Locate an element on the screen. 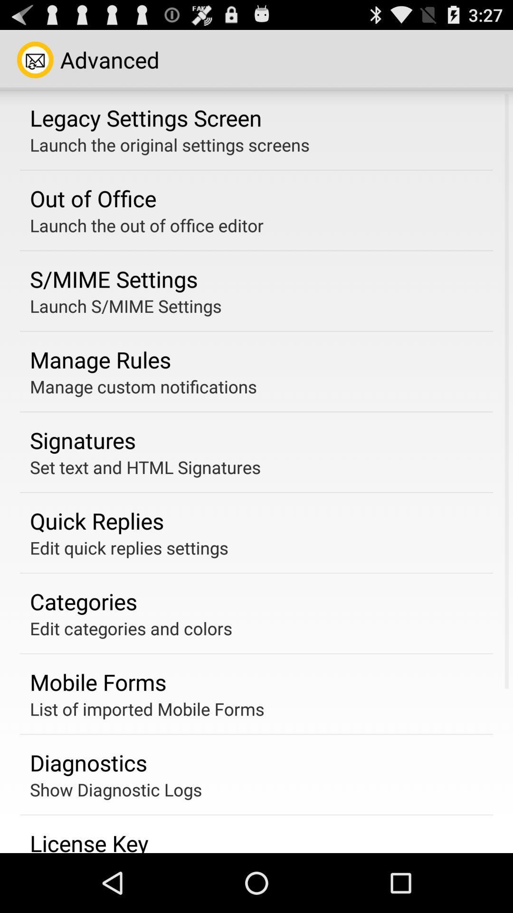  the show diagnostic logs app is located at coordinates (115, 789).